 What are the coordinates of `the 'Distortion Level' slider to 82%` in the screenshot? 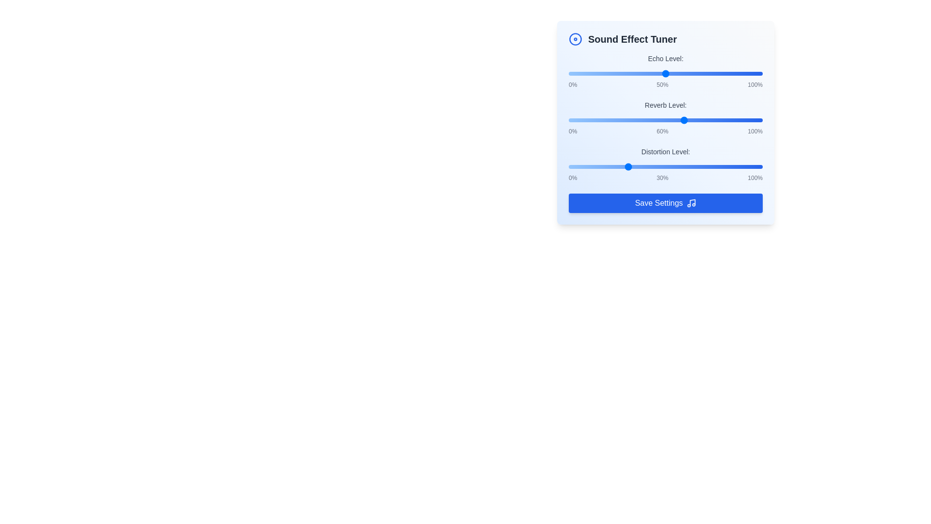 It's located at (728, 166).